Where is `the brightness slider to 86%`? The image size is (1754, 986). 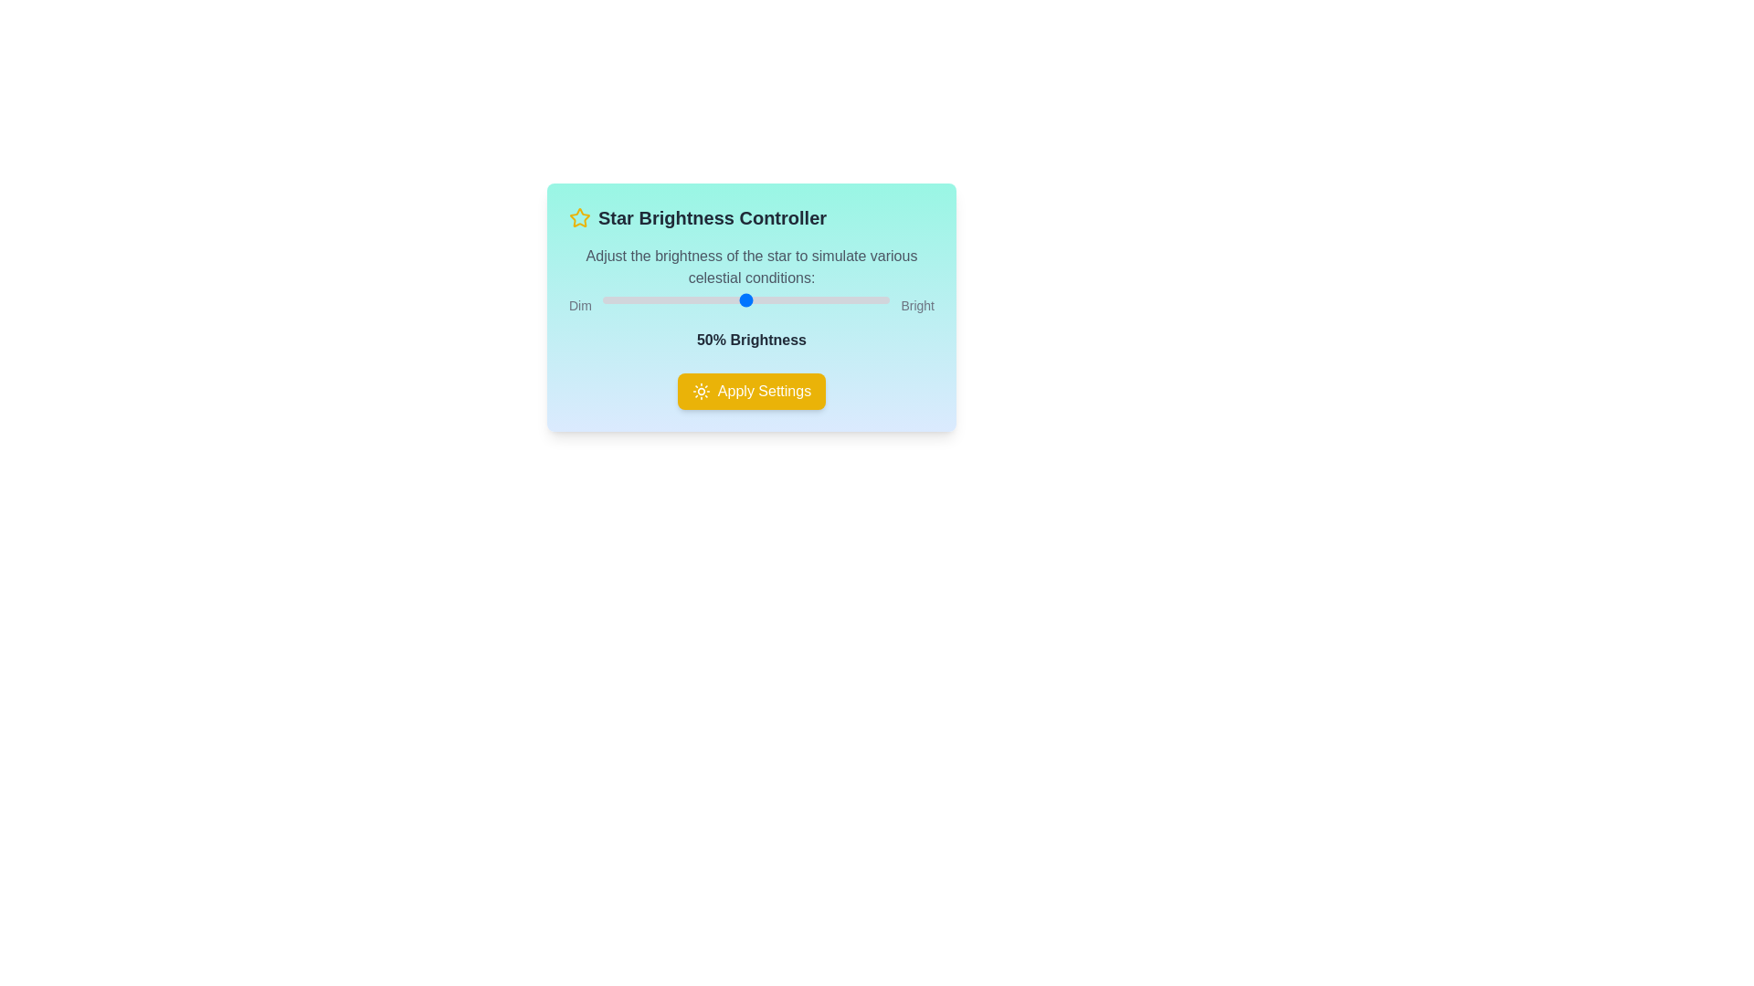 the brightness slider to 86% is located at coordinates (849, 299).